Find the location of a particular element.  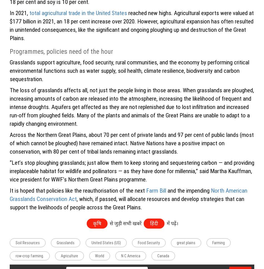

'In 2021,' is located at coordinates (9, 13).